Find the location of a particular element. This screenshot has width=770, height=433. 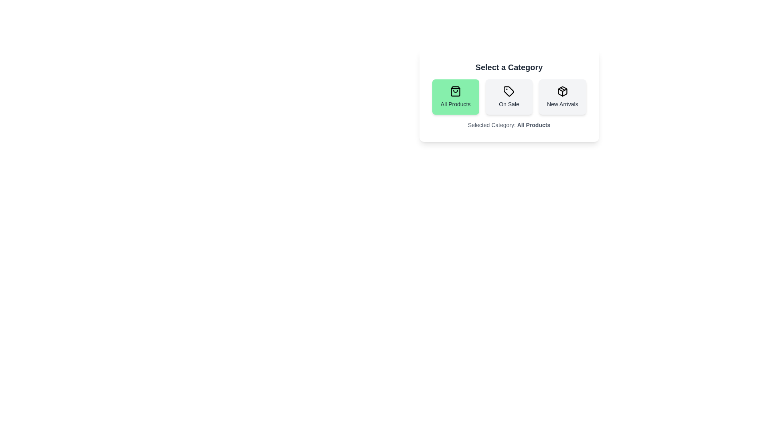

the 'On Sale' category button is located at coordinates (509, 97).